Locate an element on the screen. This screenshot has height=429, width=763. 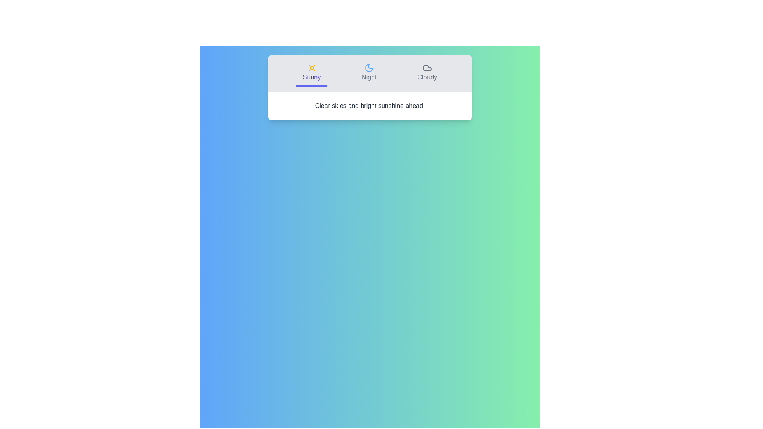
the Cloudy tab to select it is located at coordinates (427, 73).